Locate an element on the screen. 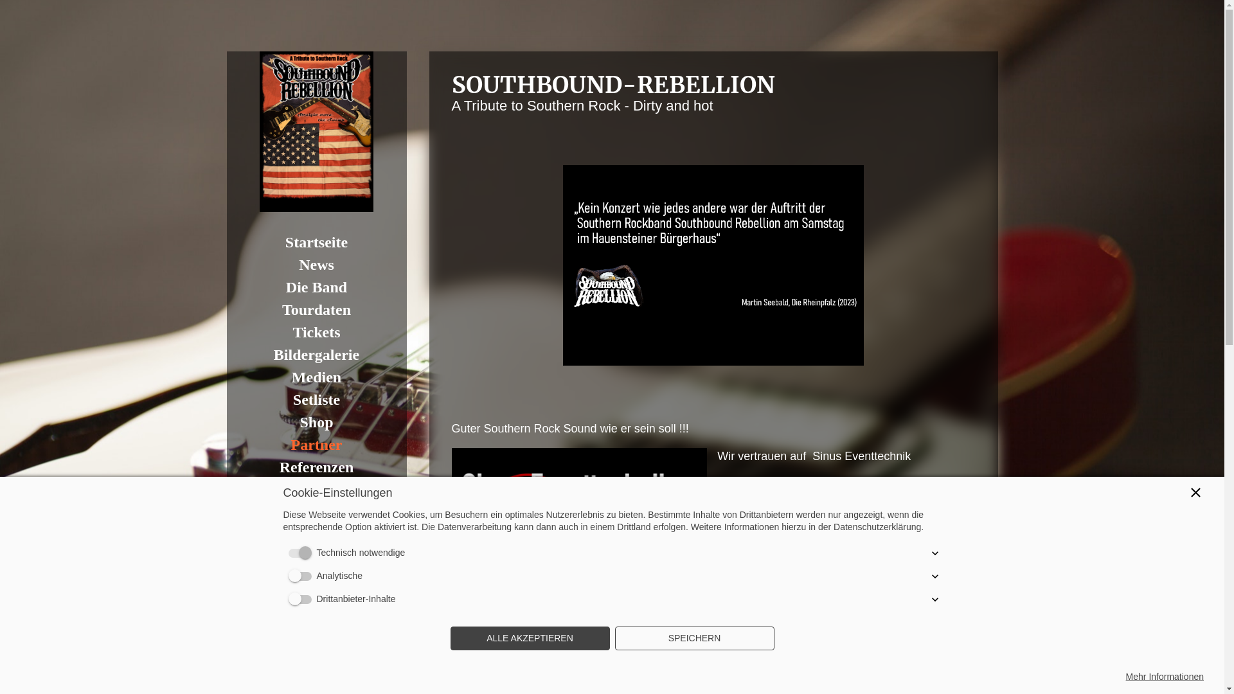 The height and width of the screenshot is (694, 1234). 'Referenzen' is located at coordinates (316, 467).